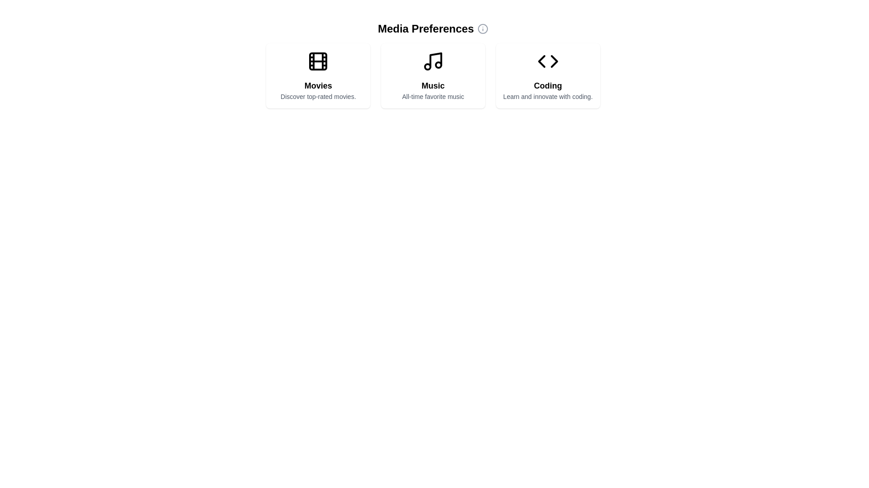 The height and width of the screenshot is (488, 869). What do you see at coordinates (482, 28) in the screenshot?
I see `the circular information icon located to the right of the 'Media Preferences' text` at bounding box center [482, 28].